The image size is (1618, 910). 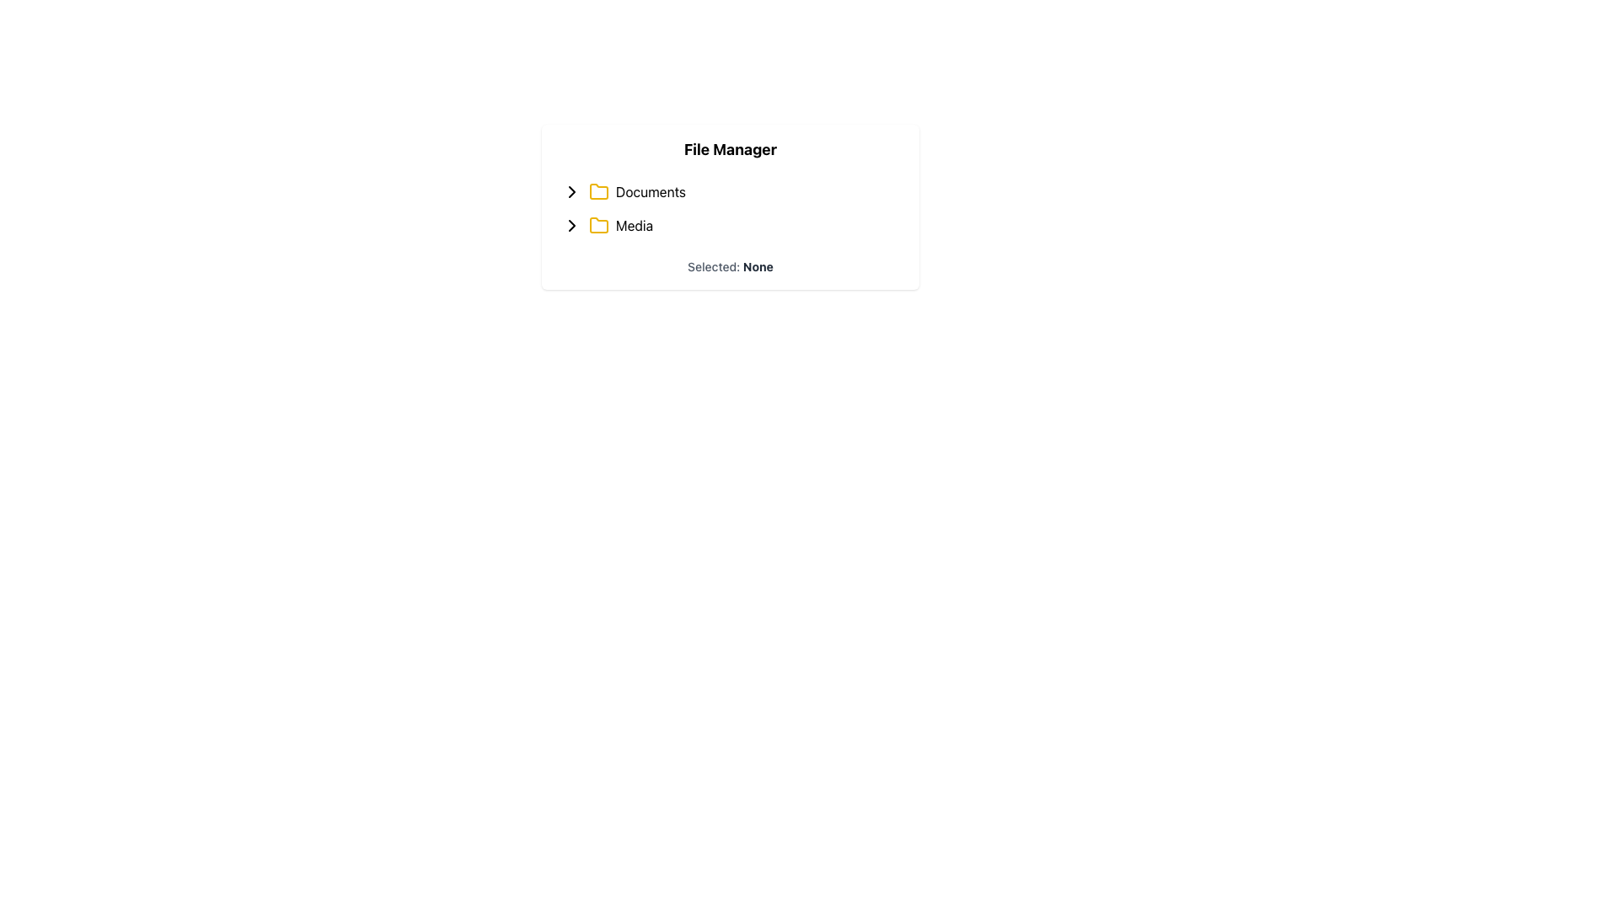 What do you see at coordinates (571, 190) in the screenshot?
I see `the rightward-pointing arrow icon (chevron) located to the left of the 'Documents' label in the vertical list structure` at bounding box center [571, 190].